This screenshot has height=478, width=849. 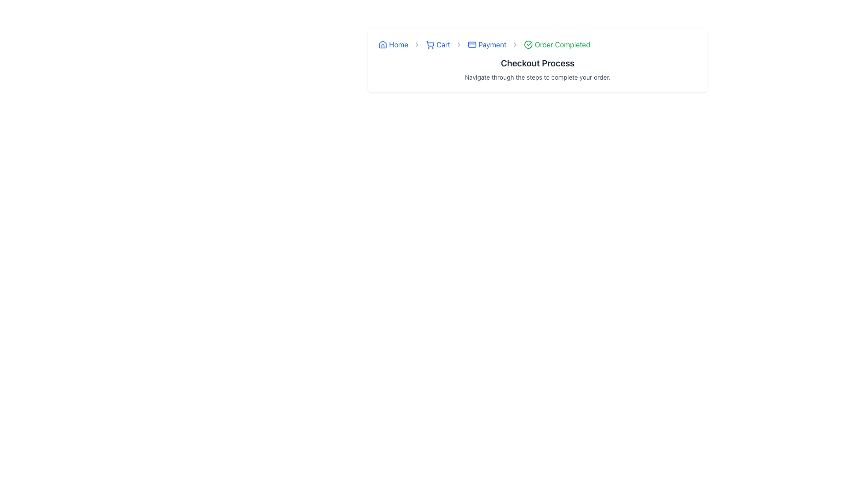 What do you see at coordinates (557, 44) in the screenshot?
I see `text of the Indicator displaying 'Order Completed' with a green checkmark icon, located at the top-right of the interface` at bounding box center [557, 44].